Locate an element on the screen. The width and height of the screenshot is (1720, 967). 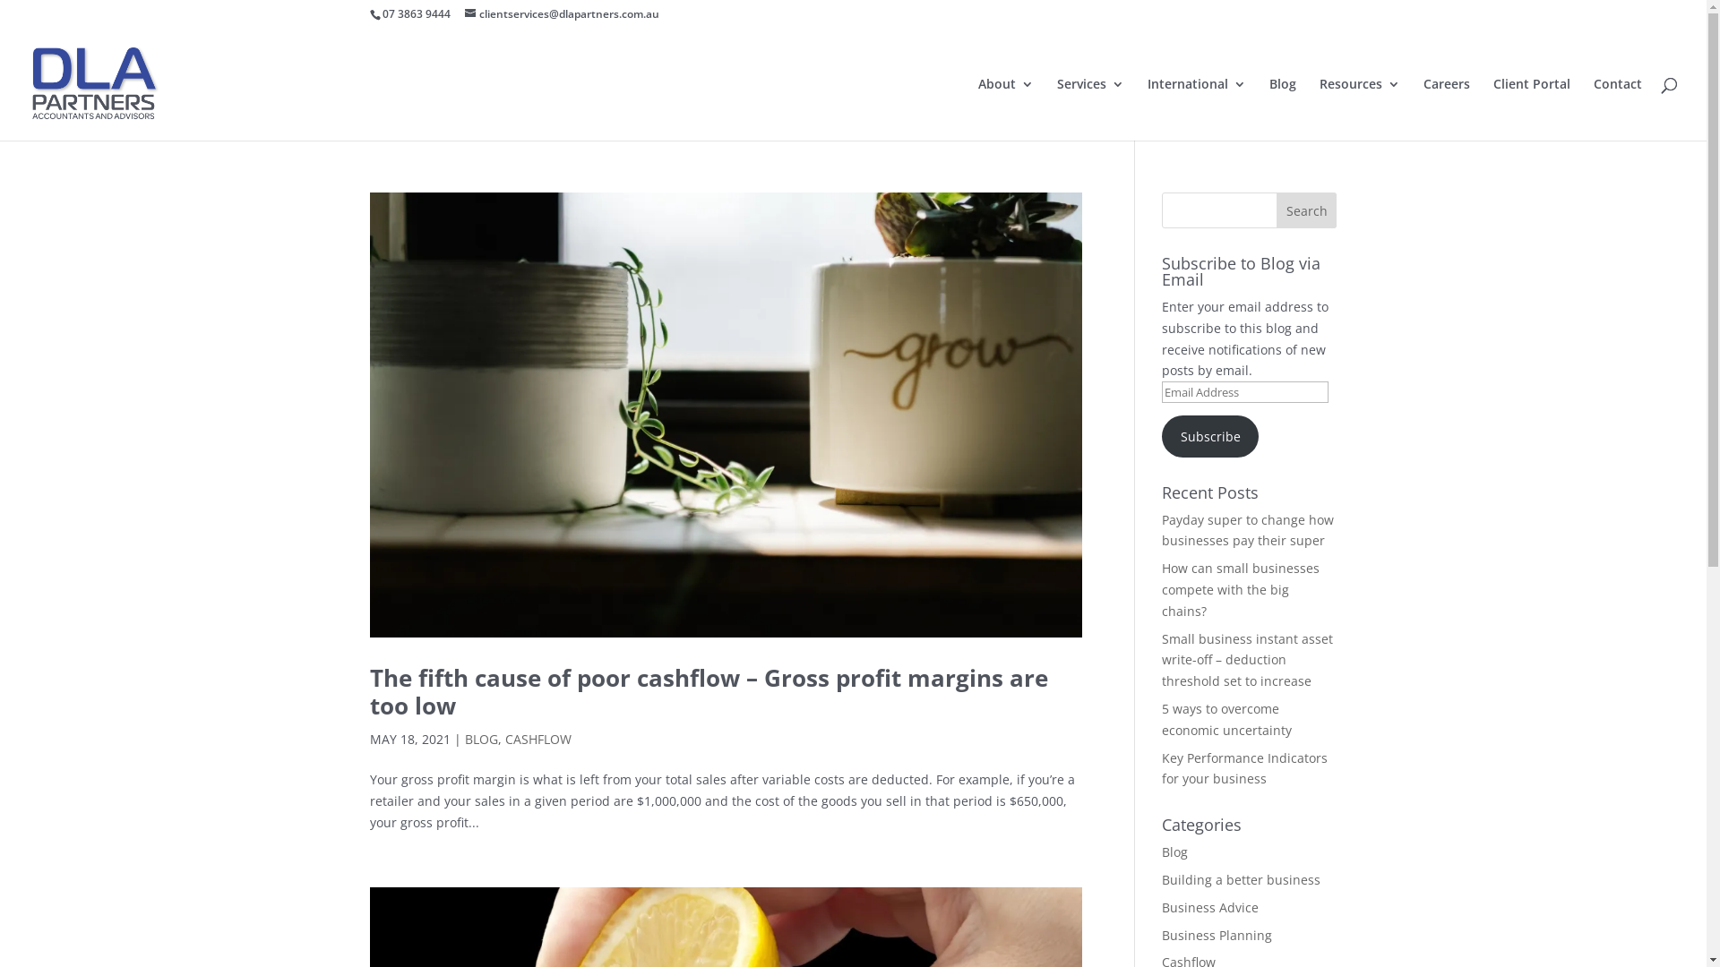
'Resources' is located at coordinates (1359, 109).